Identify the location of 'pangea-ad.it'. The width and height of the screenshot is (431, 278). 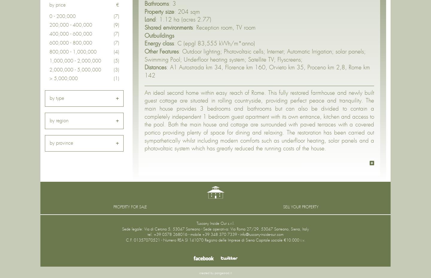
(223, 273).